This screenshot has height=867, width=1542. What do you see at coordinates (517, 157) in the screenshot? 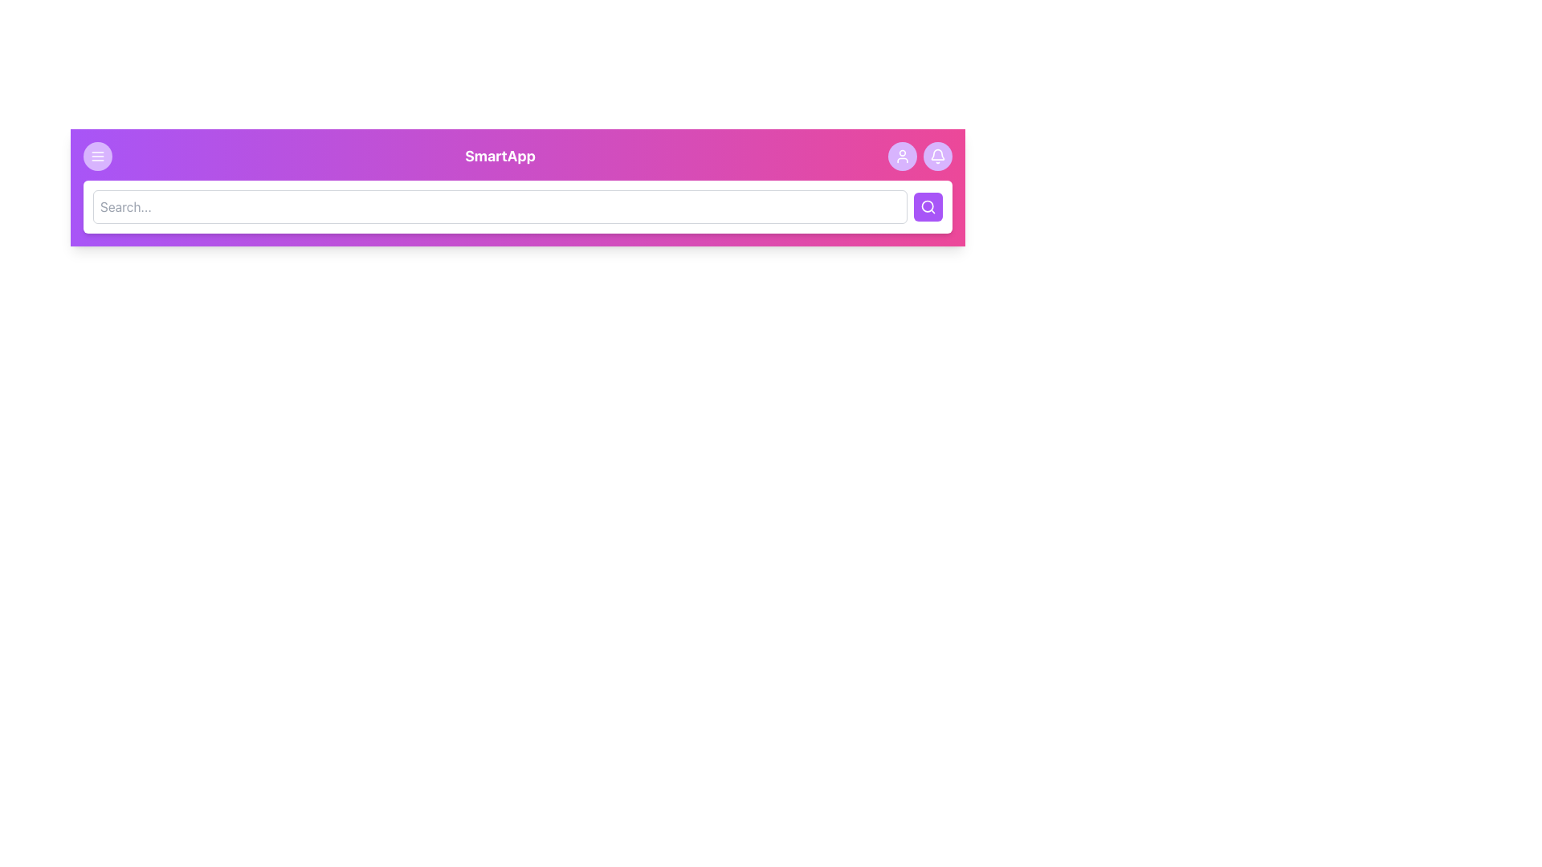
I see `the prominently styled text displaying 'SmartApp' in bold white font centered on a gradient background bar transitioning from purple to pink` at bounding box center [517, 157].